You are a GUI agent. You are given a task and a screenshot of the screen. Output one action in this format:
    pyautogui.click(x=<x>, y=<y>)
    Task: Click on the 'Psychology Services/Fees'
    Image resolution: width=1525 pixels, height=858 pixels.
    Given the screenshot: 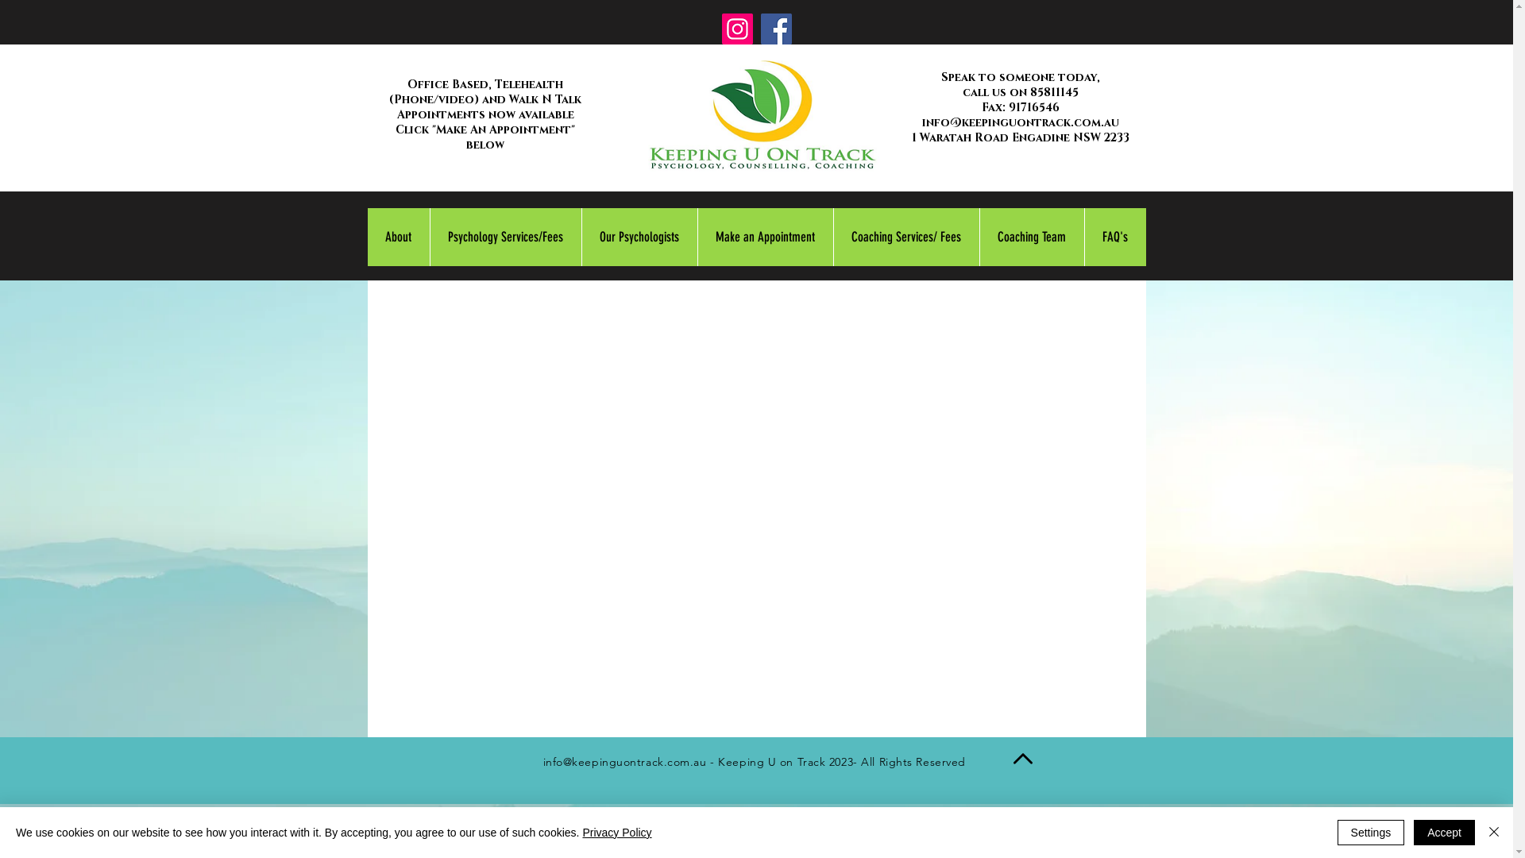 What is the action you would take?
    pyautogui.click(x=504, y=237)
    